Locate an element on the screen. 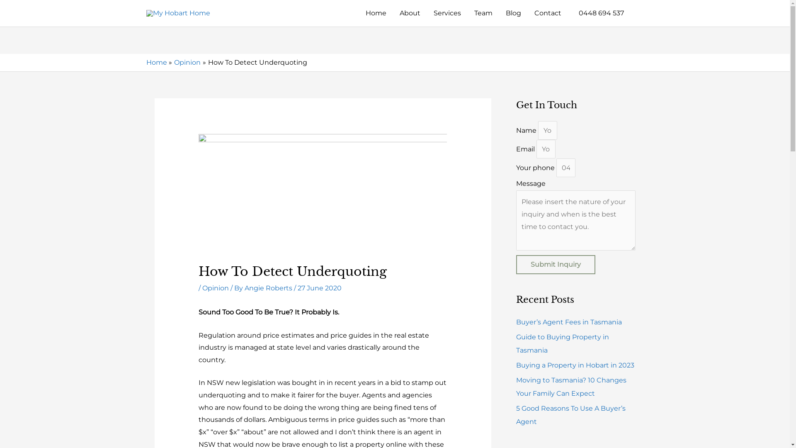 The height and width of the screenshot is (448, 796). 'Buying a Property in Hobart in 2023' is located at coordinates (515, 365).